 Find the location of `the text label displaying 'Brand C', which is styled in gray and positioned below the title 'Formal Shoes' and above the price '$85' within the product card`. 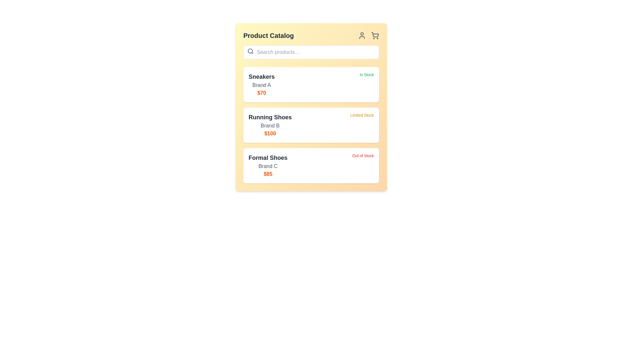

the text label displaying 'Brand C', which is styled in gray and positioned below the title 'Formal Shoes' and above the price '$85' within the product card is located at coordinates (268, 166).